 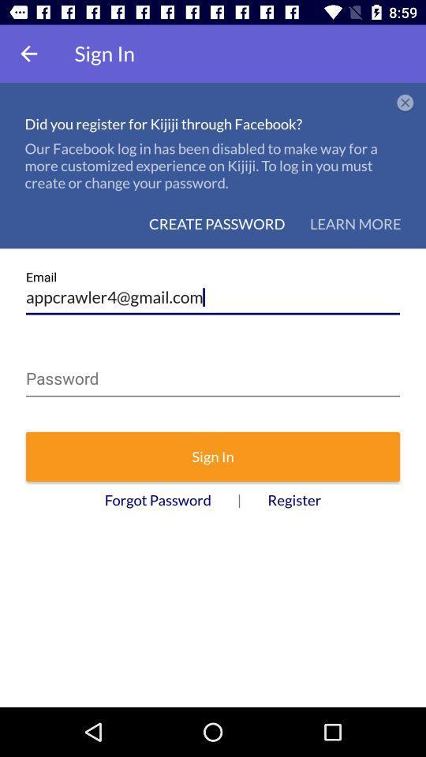 I want to click on the icon next to did you register icon, so click(x=405, y=103).